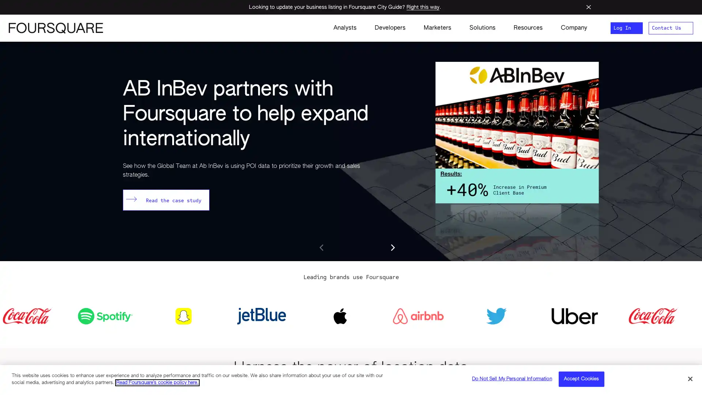 The height and width of the screenshot is (395, 702). I want to click on close, so click(588, 7).